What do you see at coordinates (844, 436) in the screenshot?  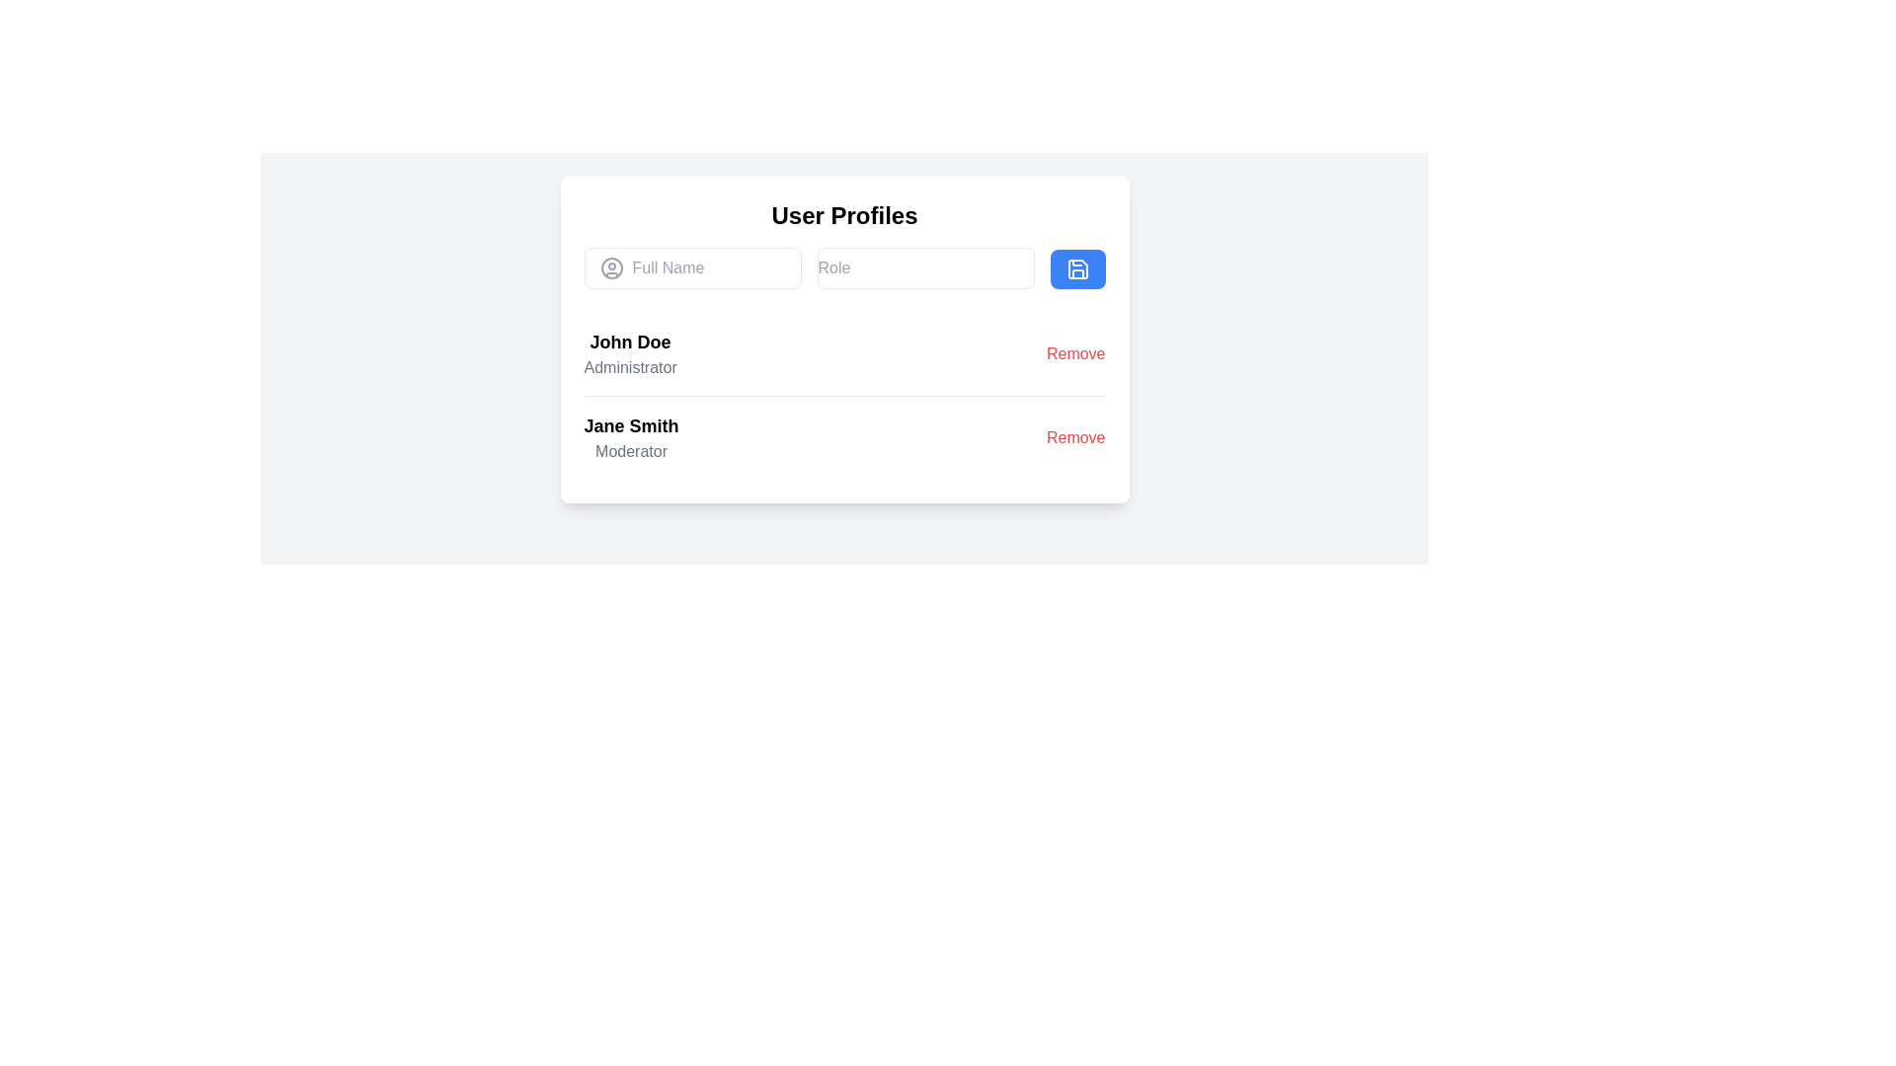 I see `the user profile entry displaying the user's name and role` at bounding box center [844, 436].